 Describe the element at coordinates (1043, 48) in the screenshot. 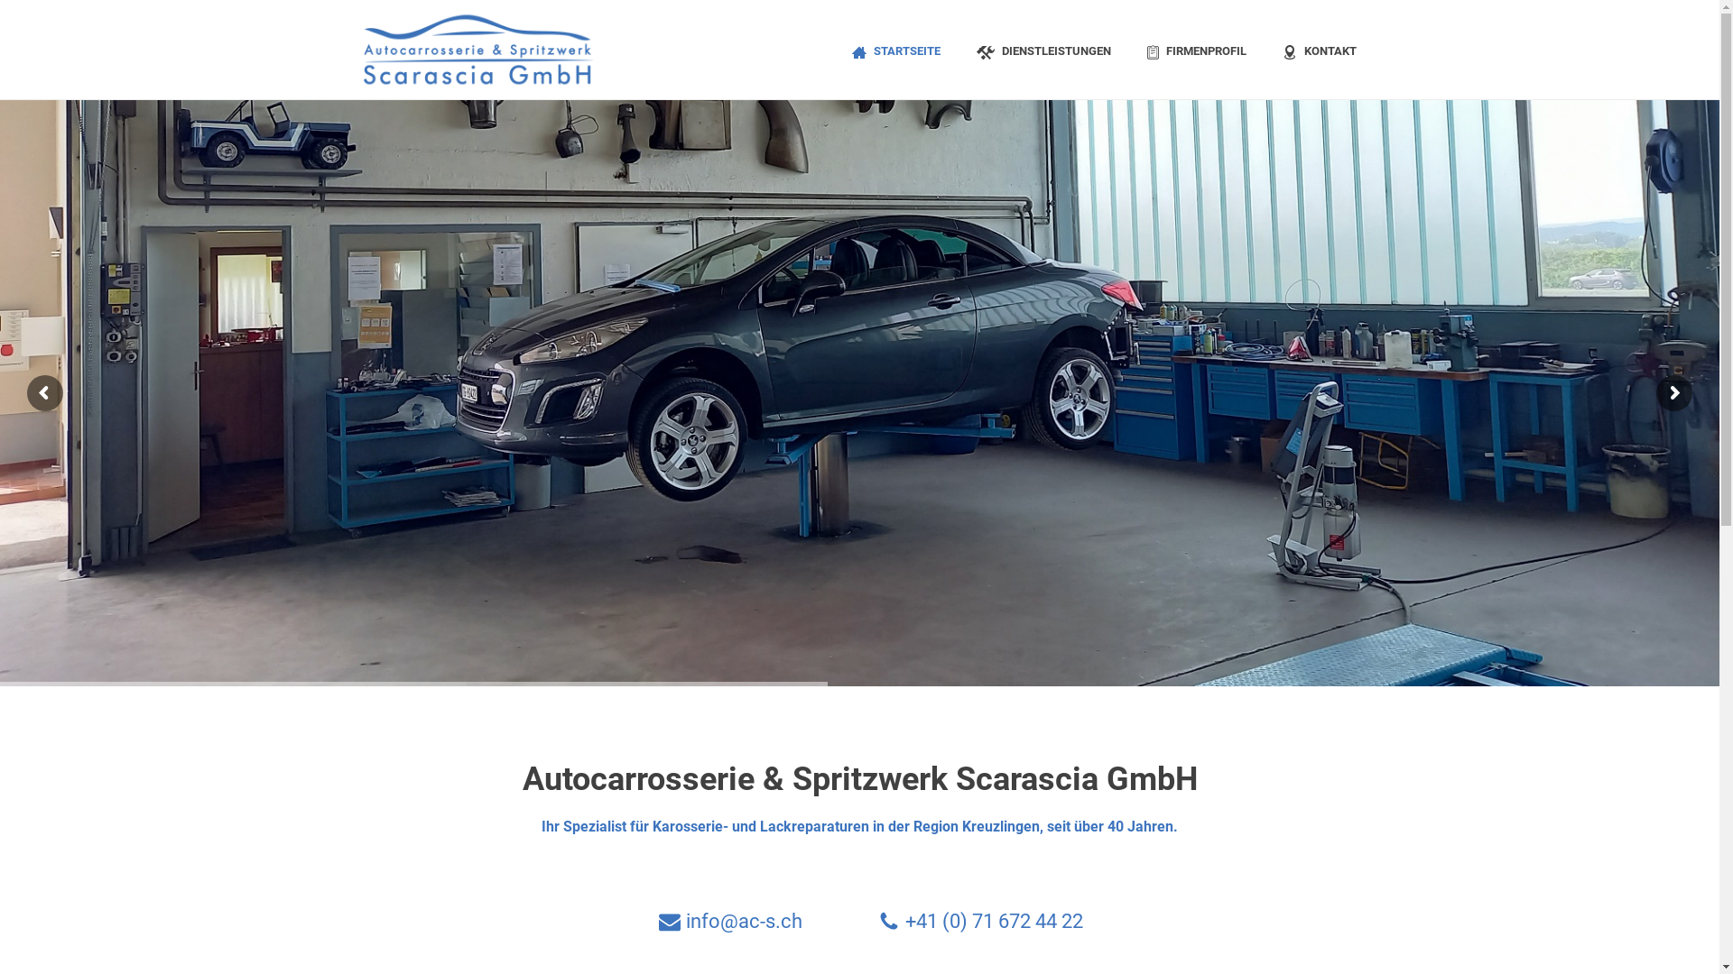

I see `'DIENSTLEISTUNGEN'` at that location.